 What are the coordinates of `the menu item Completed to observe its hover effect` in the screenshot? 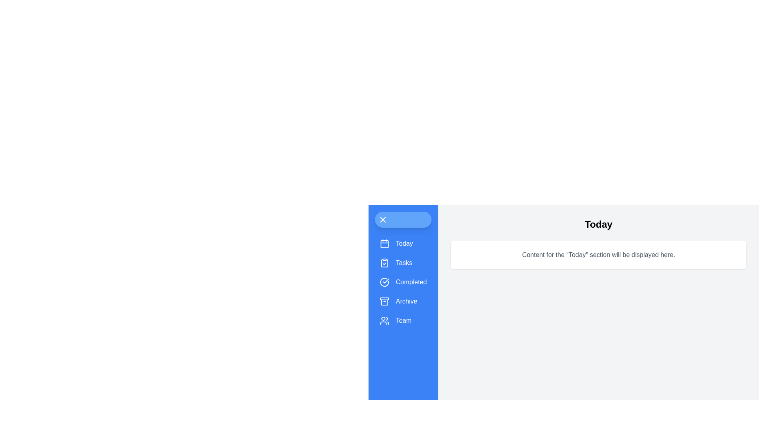 It's located at (403, 282).